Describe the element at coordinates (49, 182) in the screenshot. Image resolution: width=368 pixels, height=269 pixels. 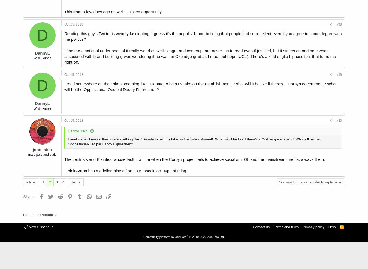
I see `'2'` at that location.